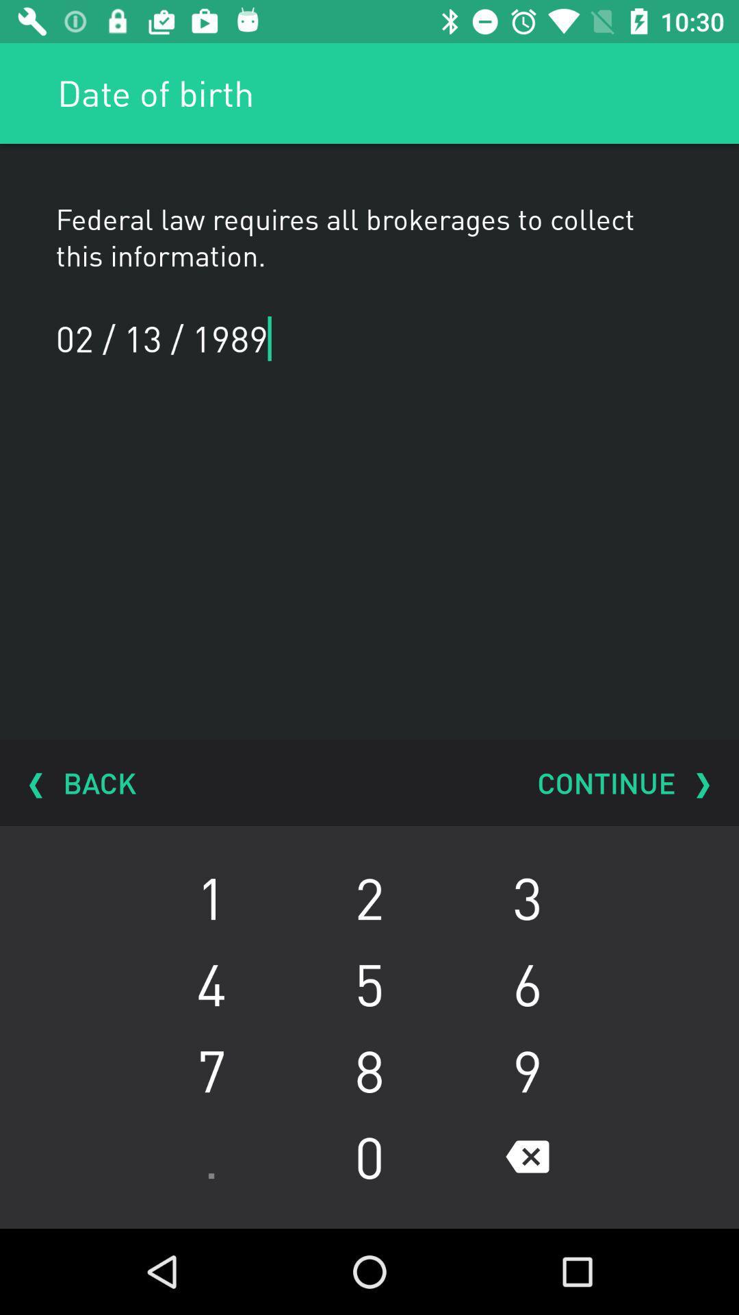  Describe the element at coordinates (527, 1156) in the screenshot. I see `the close icon` at that location.